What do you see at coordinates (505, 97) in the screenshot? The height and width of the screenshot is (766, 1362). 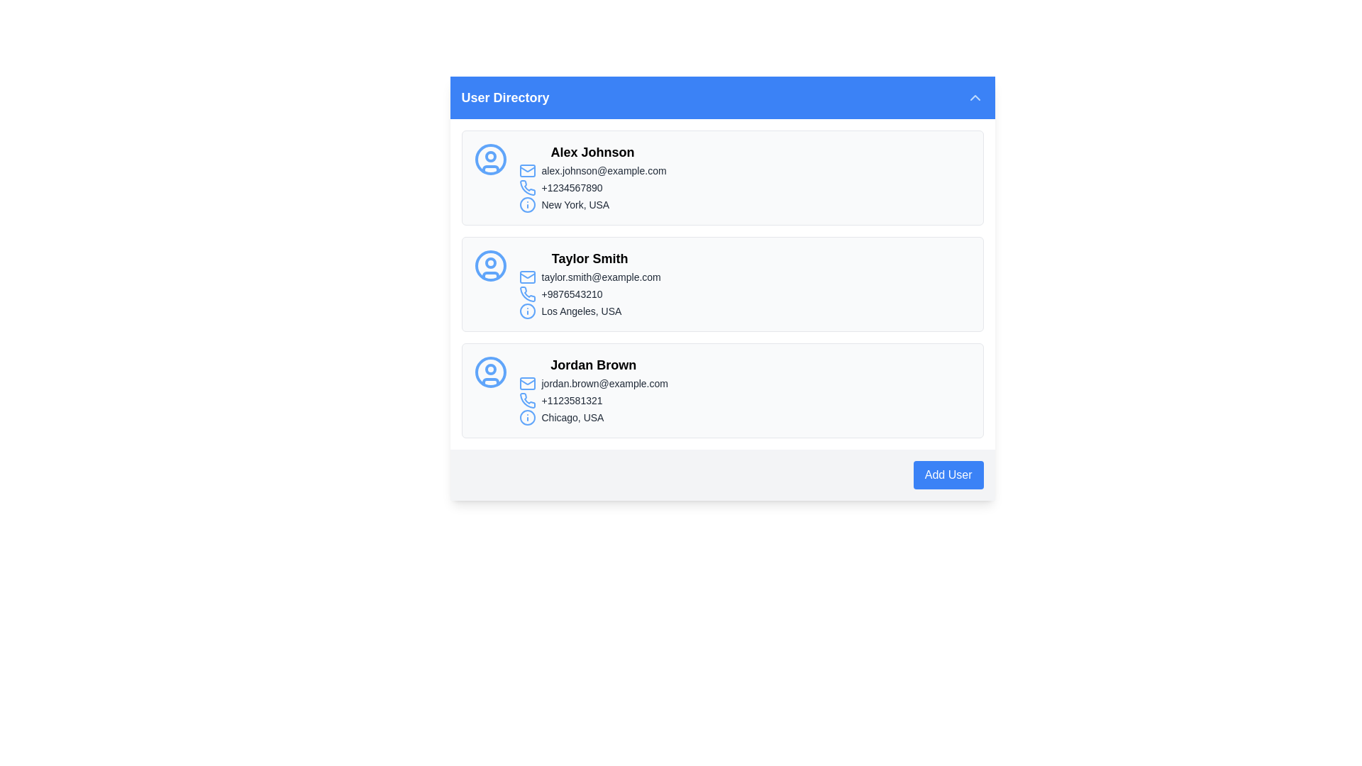 I see `the bold, large-sized text label 'User Directory' styled in white font against a blue background, located at the far left of the header bar` at bounding box center [505, 97].